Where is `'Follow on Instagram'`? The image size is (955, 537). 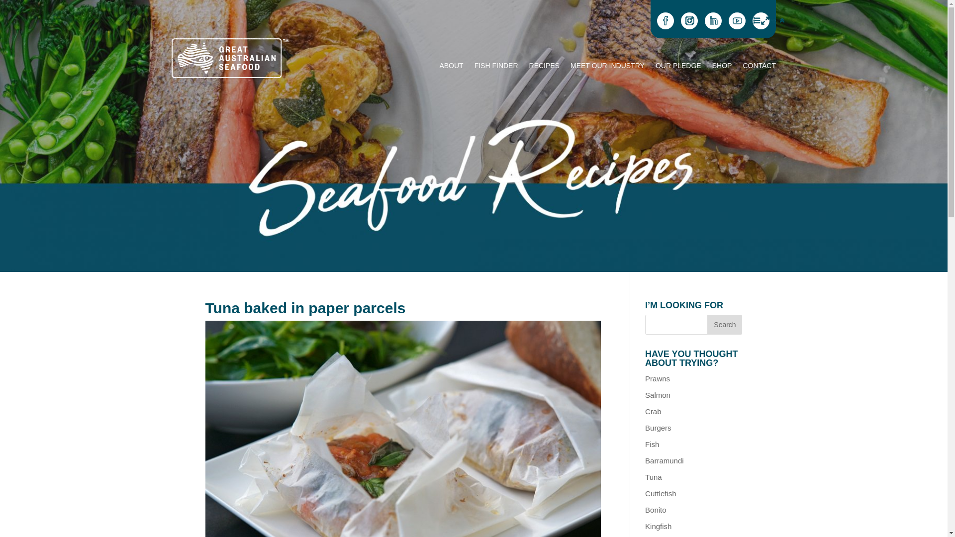 'Follow on Instagram' is located at coordinates (689, 21).